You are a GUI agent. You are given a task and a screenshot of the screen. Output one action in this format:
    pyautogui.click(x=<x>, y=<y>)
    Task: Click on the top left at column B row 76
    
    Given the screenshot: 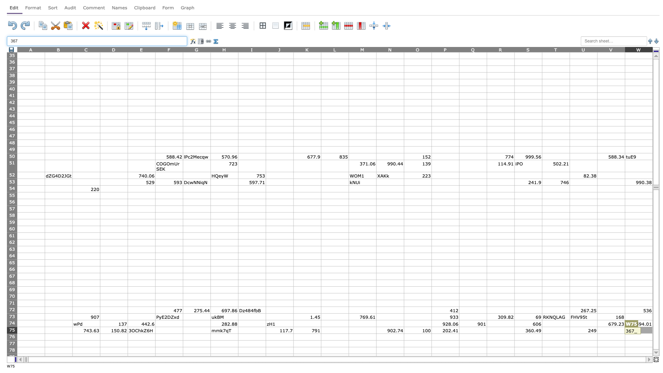 What is the action you would take?
    pyautogui.click(x=44, y=333)
    